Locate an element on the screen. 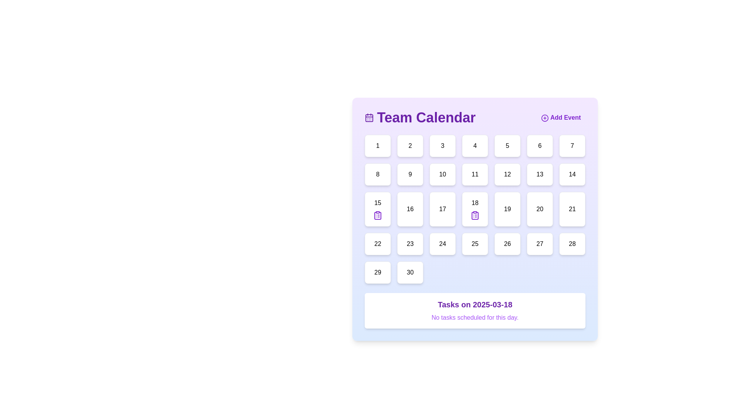 The height and width of the screenshot is (417, 741). the button representing the 9th day in the 'Team Calendar' is located at coordinates (409, 174).